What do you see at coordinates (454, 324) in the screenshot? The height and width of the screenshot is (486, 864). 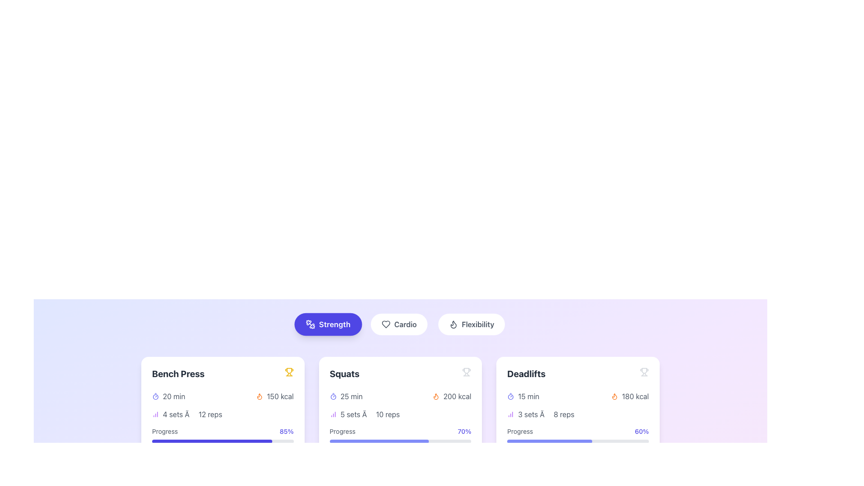 I see `the energy or calories icon located within the 'Flexibility' button's icon area in the top center section of the interface` at bounding box center [454, 324].